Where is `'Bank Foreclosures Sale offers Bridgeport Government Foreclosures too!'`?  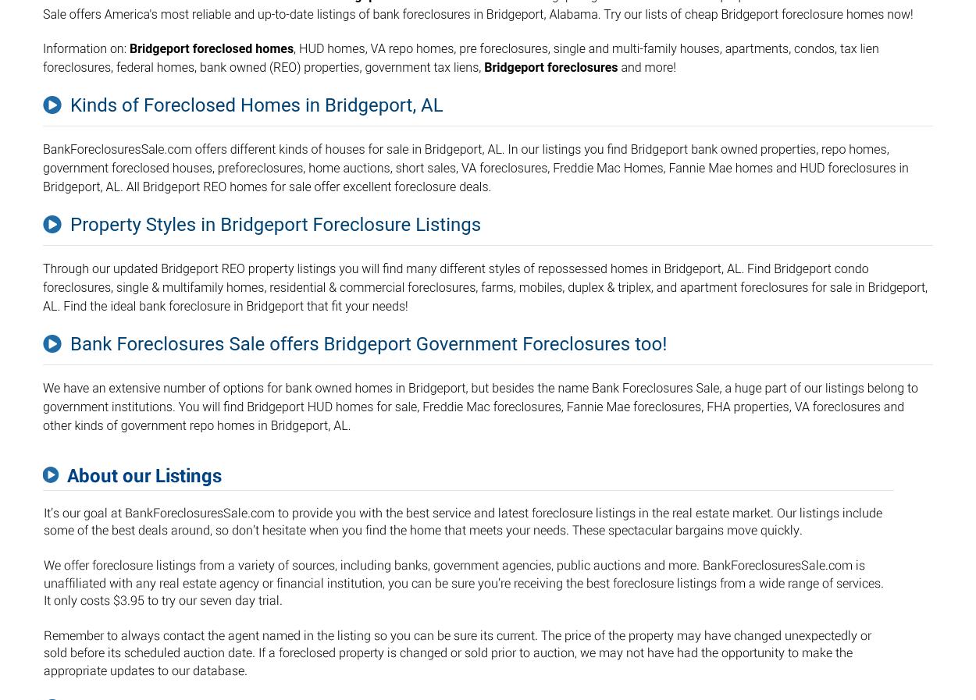
'Bank Foreclosures Sale offers Bridgeport Government Foreclosures too!' is located at coordinates (368, 343).